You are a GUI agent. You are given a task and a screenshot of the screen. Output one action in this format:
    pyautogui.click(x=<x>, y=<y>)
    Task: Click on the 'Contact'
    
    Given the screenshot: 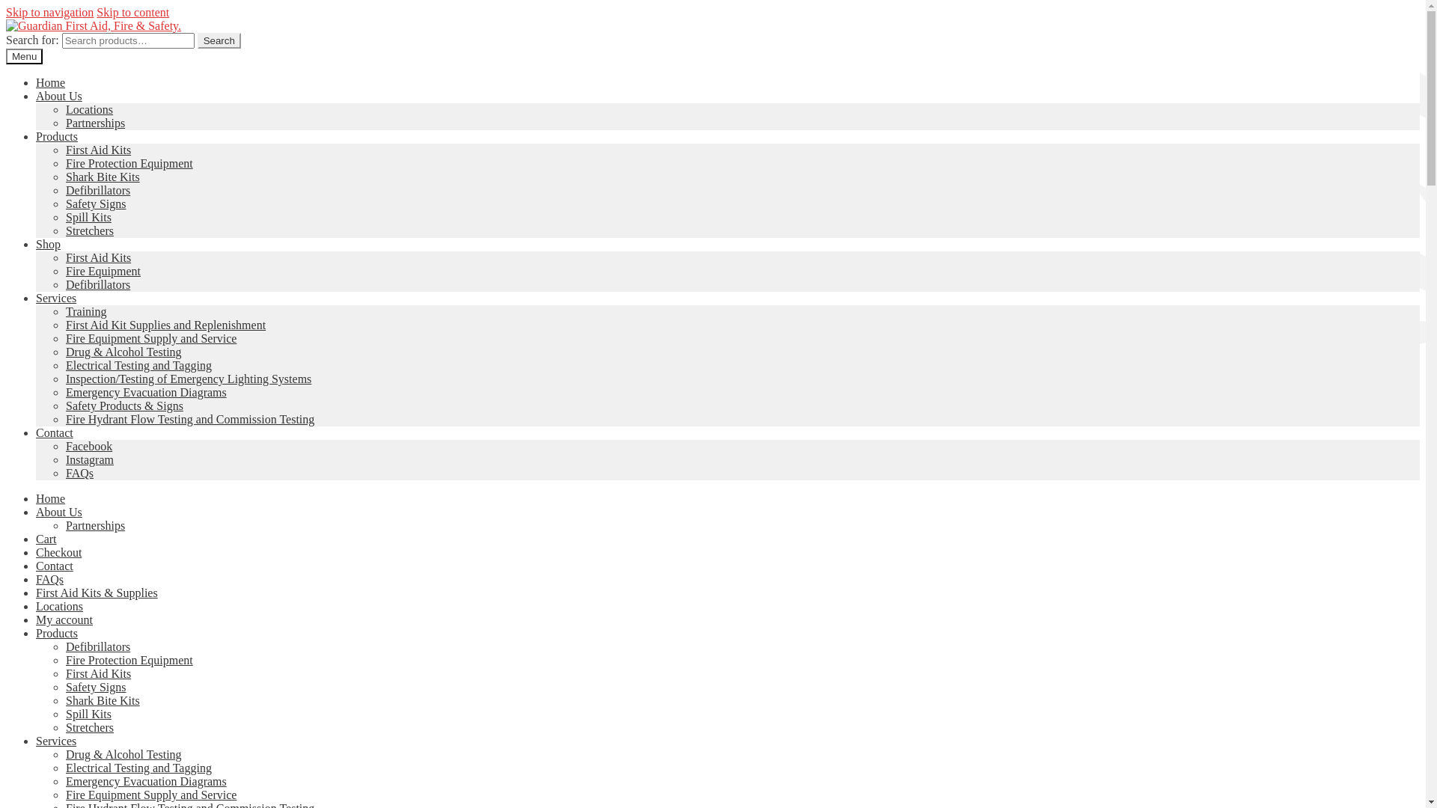 What is the action you would take?
    pyautogui.click(x=54, y=566)
    